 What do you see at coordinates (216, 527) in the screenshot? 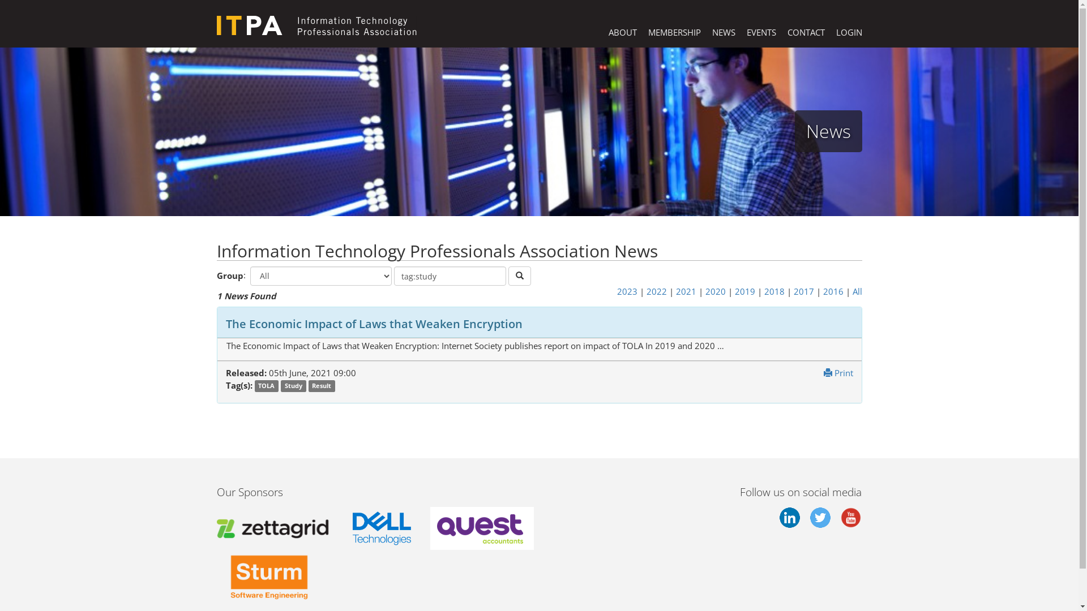
I see `'Zettagrid'` at bounding box center [216, 527].